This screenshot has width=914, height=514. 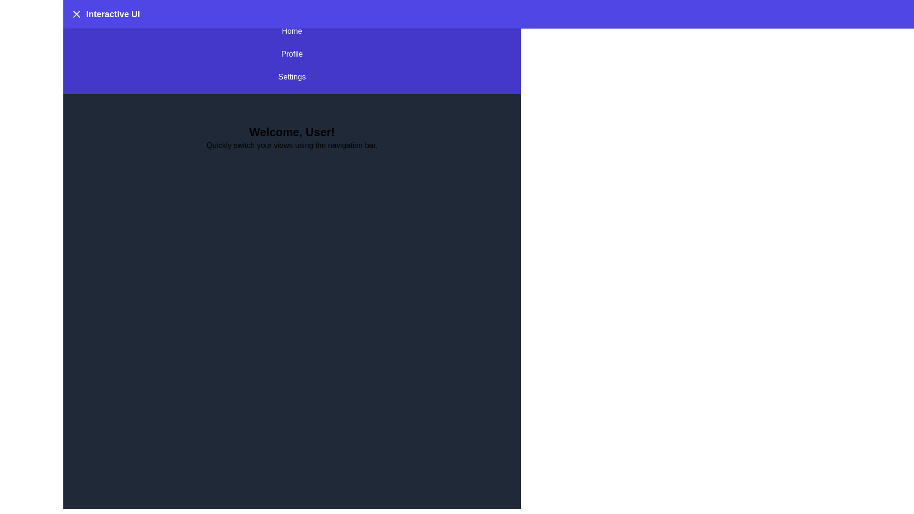 I want to click on the menu button to toggle the menu visibility, so click(x=77, y=14).